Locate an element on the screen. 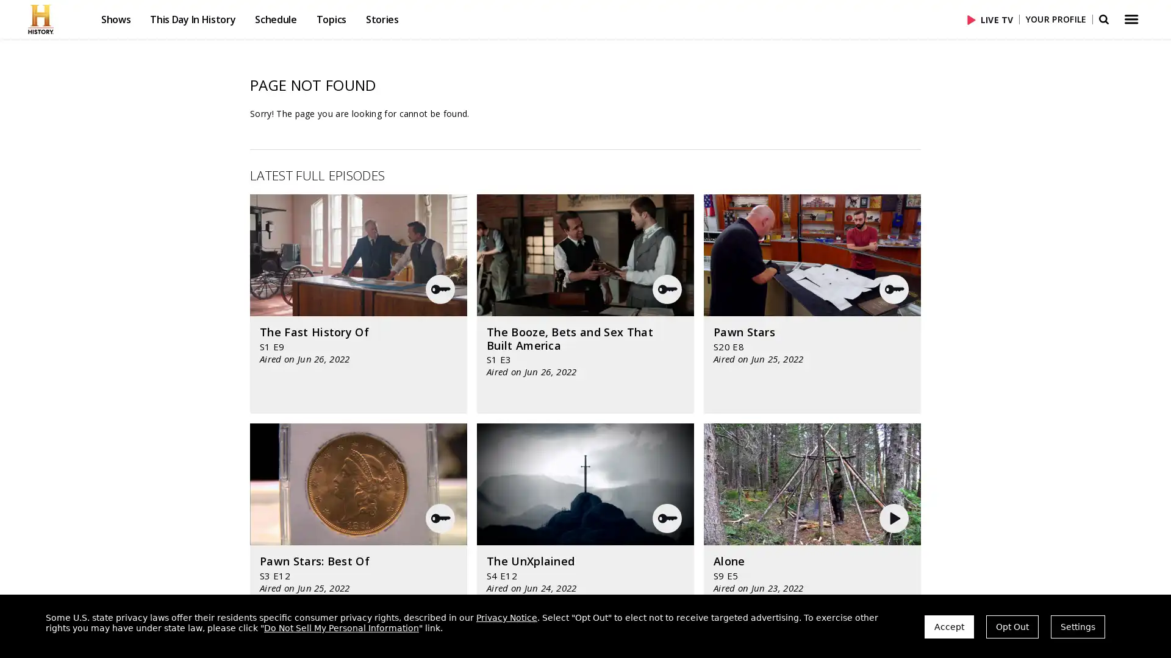  Q is located at coordinates (667, 518).